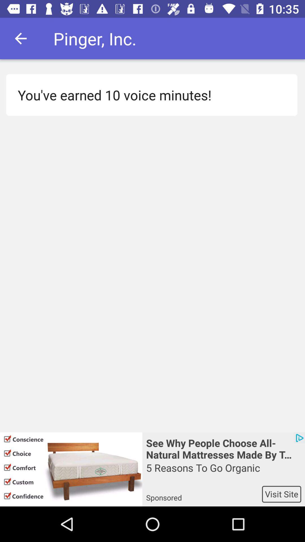 The image size is (305, 542). Describe the element at coordinates (71, 469) in the screenshot. I see `item below you ve earned item` at that location.